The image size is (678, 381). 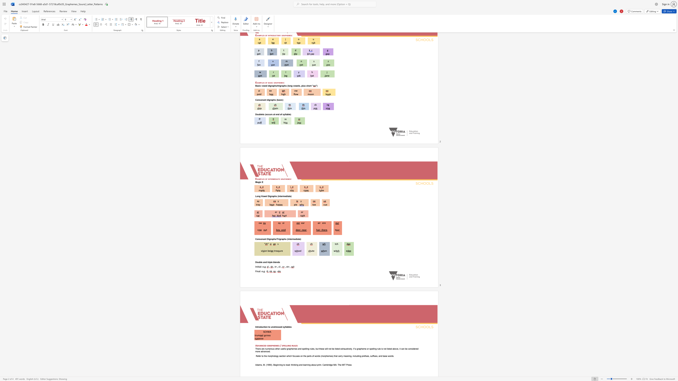 What do you see at coordinates (319, 223) in the screenshot?
I see `the subset text "ir   e" within the text "air   ere"` at bounding box center [319, 223].